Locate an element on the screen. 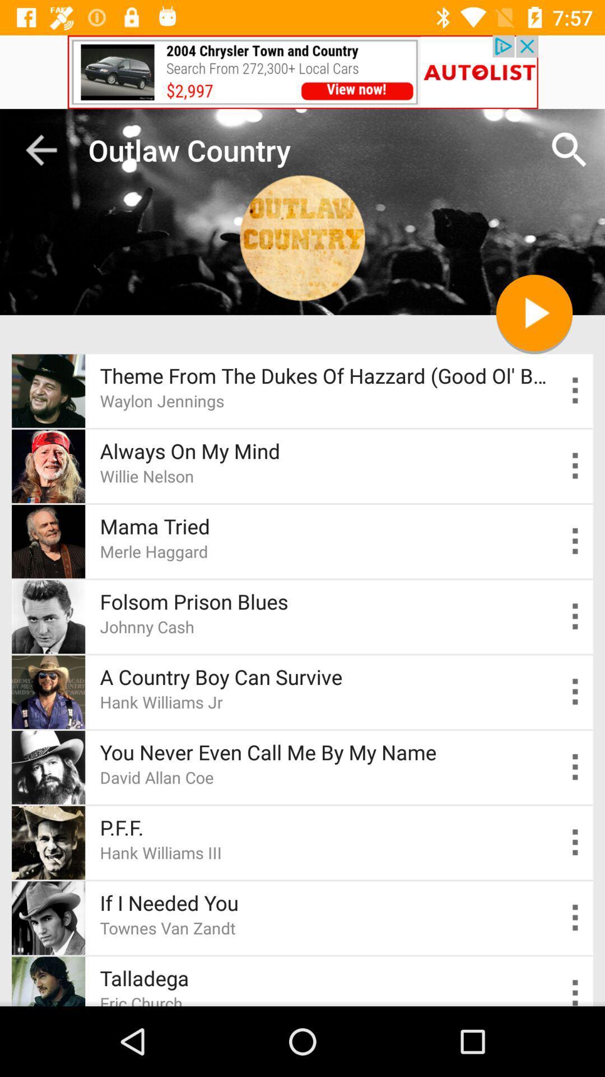  setting the option is located at coordinates (575, 991).